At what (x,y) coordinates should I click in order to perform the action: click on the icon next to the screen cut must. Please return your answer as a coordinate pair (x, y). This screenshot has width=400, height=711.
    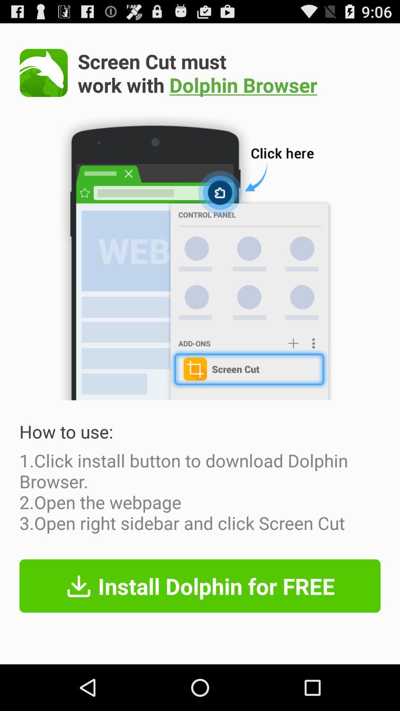
    Looking at the image, I should click on (44, 73).